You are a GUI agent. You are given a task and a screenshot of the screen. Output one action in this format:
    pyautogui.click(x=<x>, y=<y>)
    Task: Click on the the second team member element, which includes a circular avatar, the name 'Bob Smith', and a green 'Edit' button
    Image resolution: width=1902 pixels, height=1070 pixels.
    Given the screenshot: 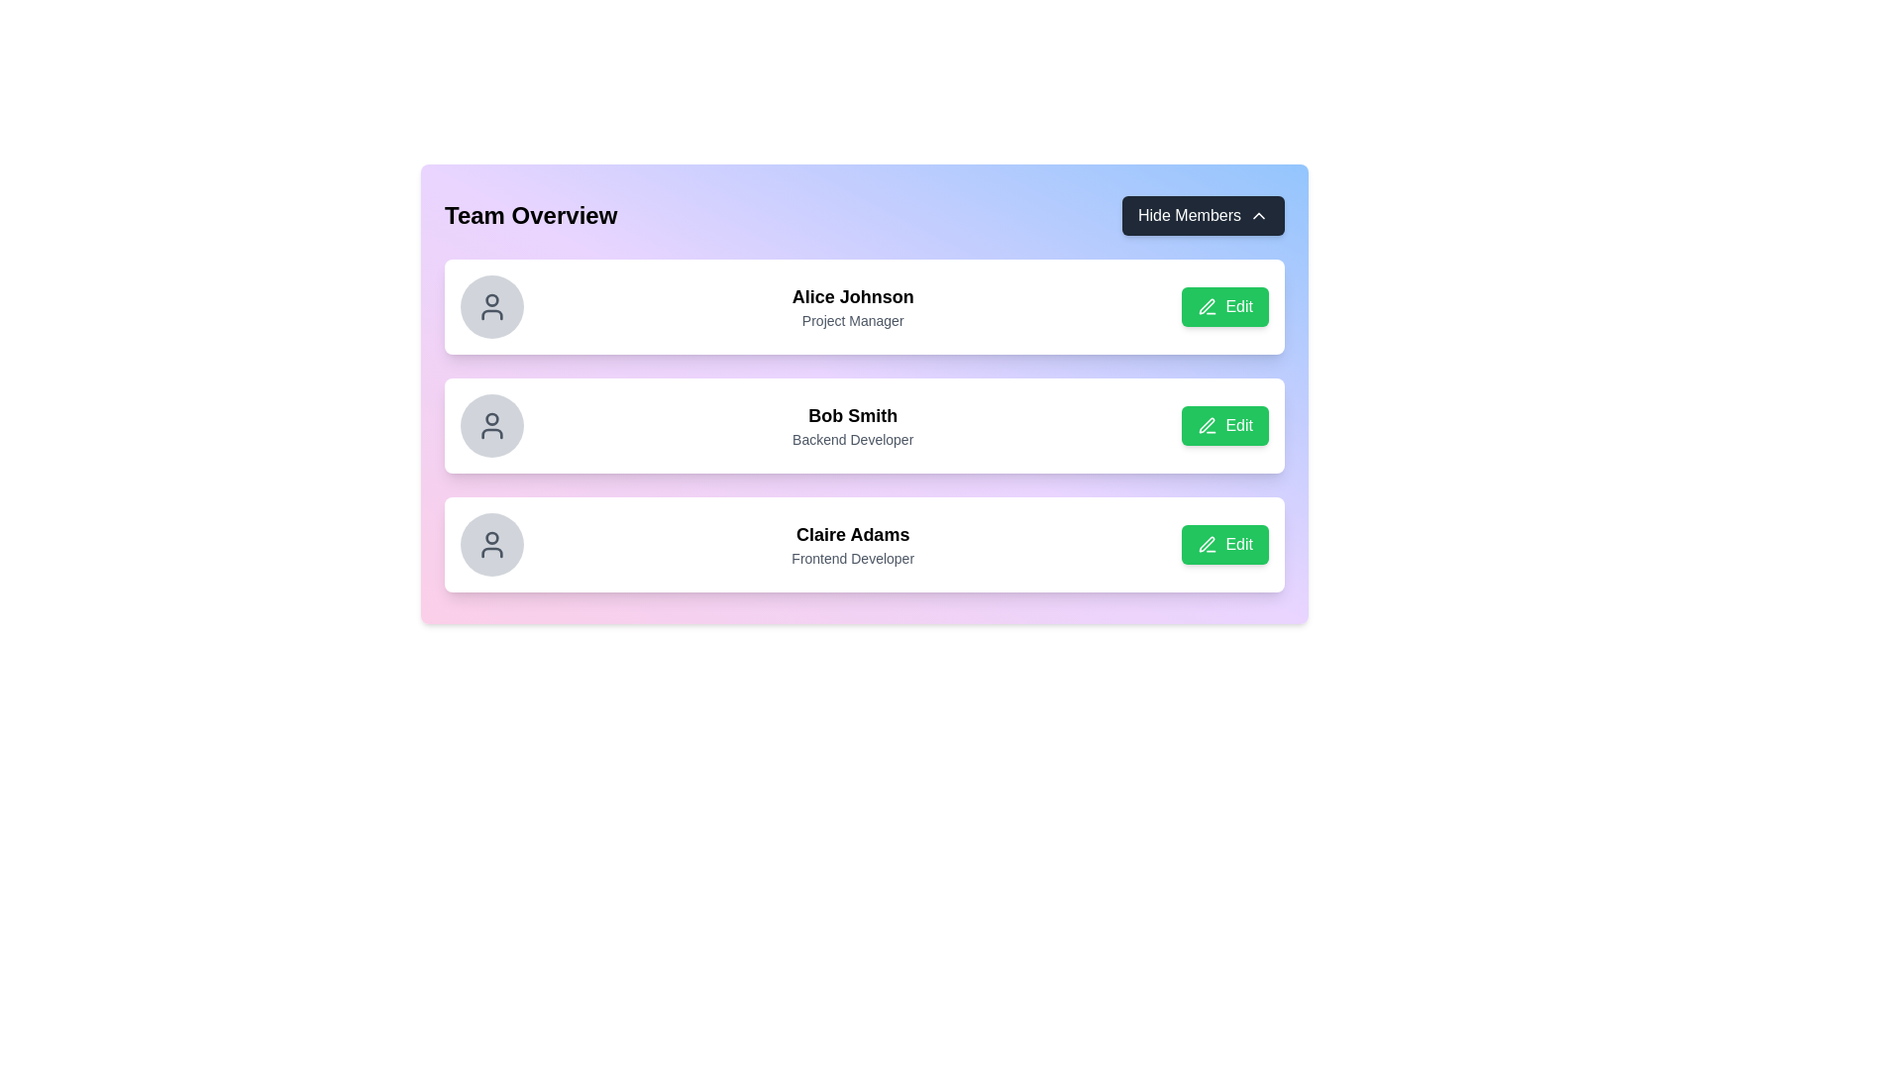 What is the action you would take?
    pyautogui.click(x=865, y=424)
    